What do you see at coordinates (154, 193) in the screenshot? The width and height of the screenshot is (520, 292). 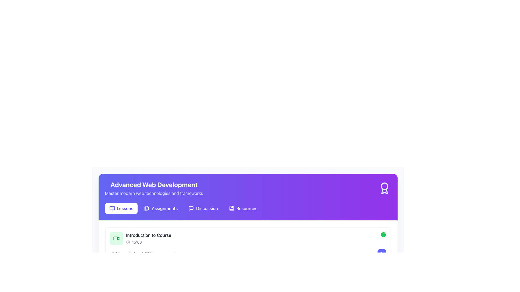 I see `the text label positioned below the title 'Advanced Web Development', which serves as a descriptive subtitle for additional context` at bounding box center [154, 193].